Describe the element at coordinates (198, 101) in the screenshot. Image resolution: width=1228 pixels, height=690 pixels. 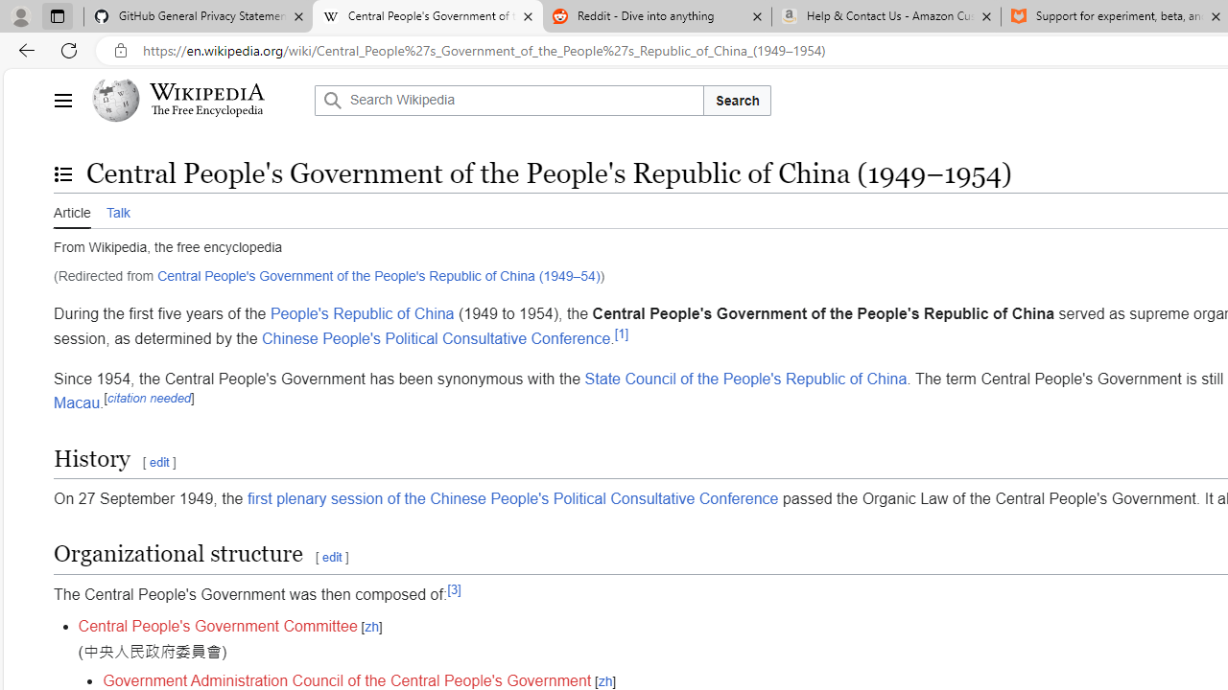
I see `'Wikipedia The Free Encyclopedia'` at that location.